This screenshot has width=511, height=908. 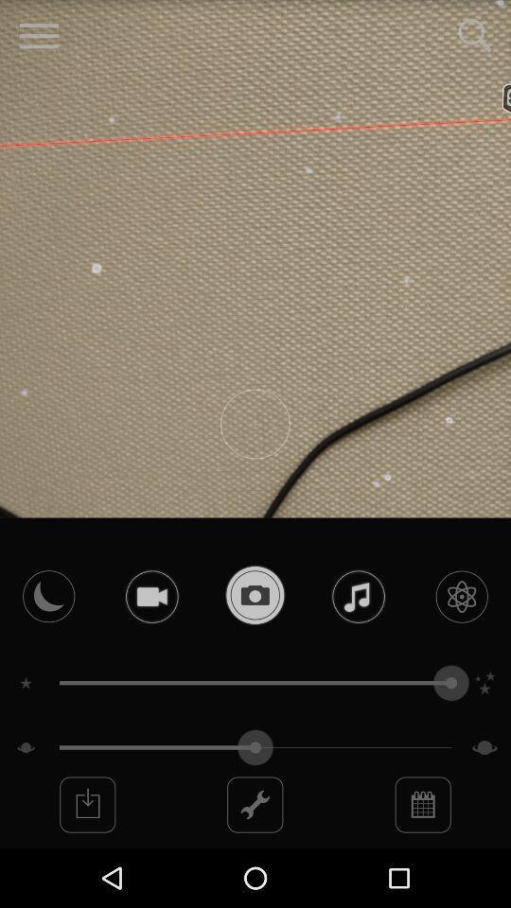 What do you see at coordinates (461, 638) in the screenshot?
I see `the settings icon` at bounding box center [461, 638].